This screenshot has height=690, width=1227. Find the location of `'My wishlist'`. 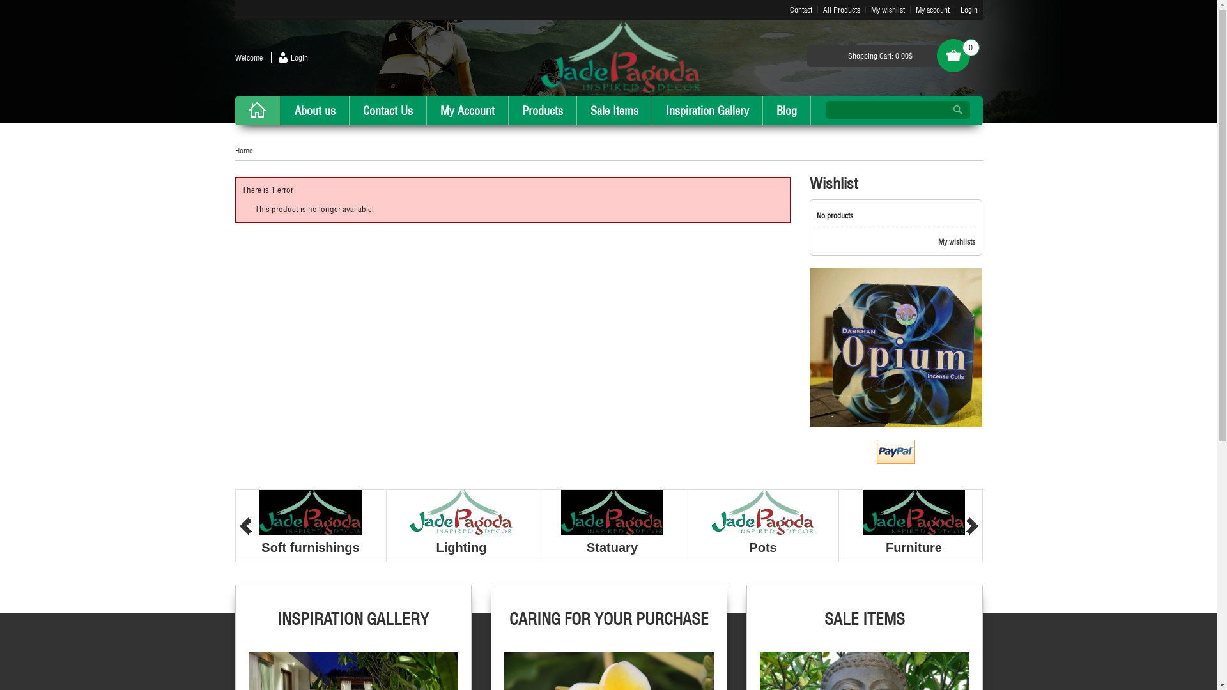

'My wishlist' is located at coordinates (886, 10).